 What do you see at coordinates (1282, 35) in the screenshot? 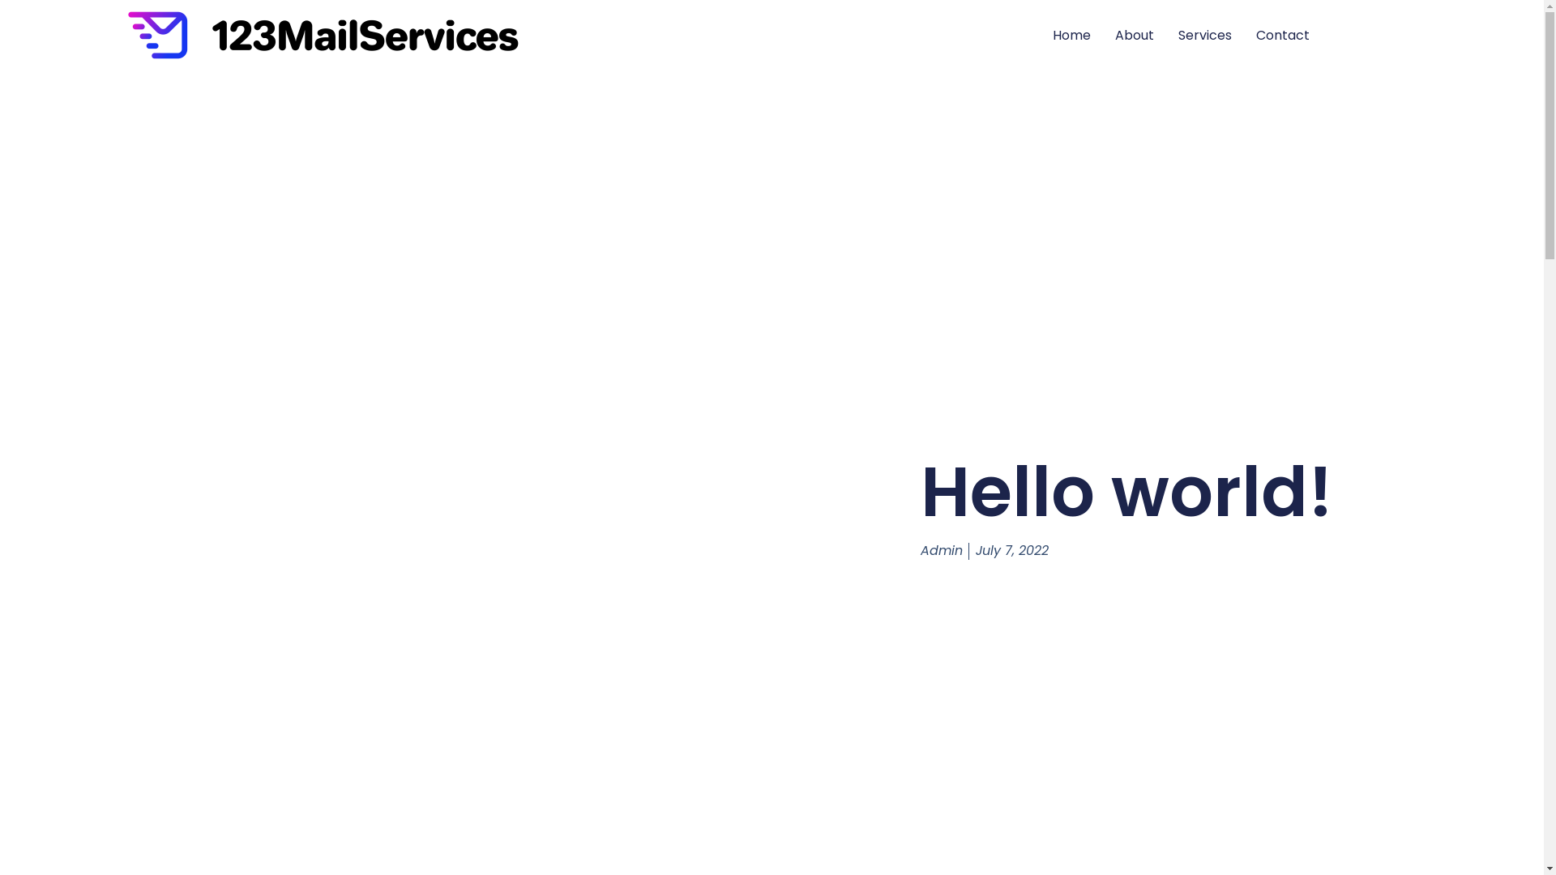
I see `'Contact'` at bounding box center [1282, 35].